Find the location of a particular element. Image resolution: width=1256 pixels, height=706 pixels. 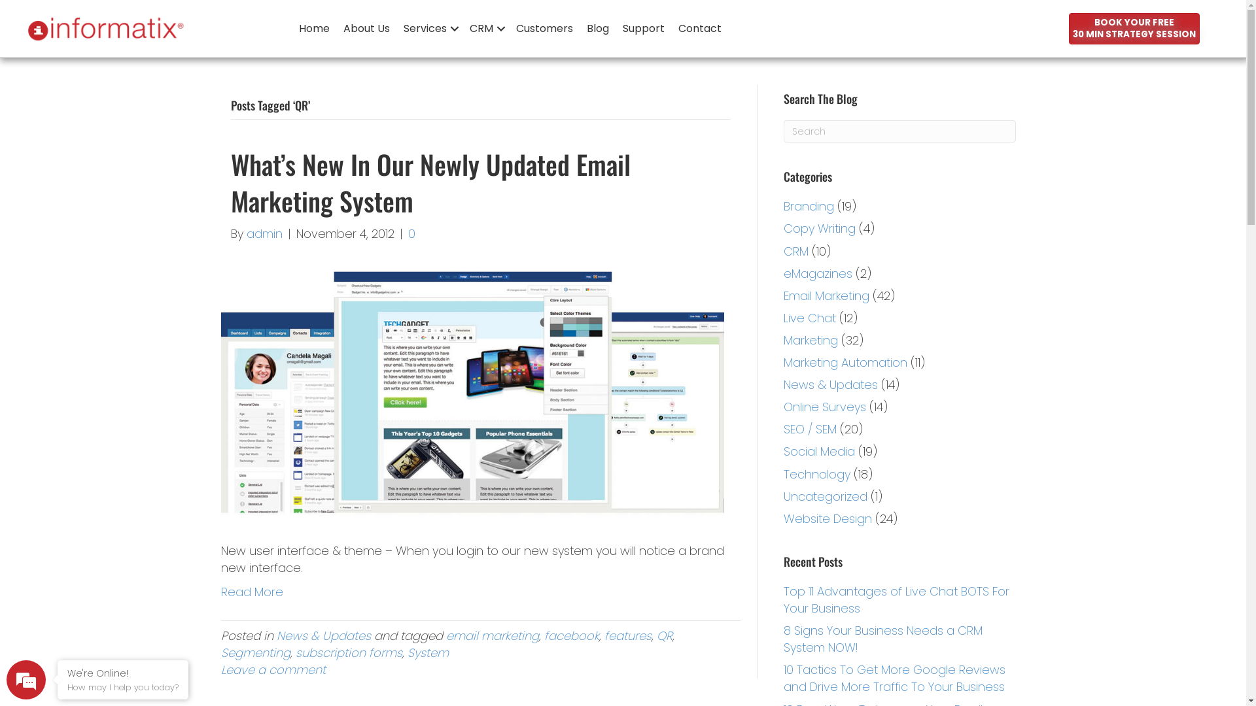

'Technology' is located at coordinates (816, 473).